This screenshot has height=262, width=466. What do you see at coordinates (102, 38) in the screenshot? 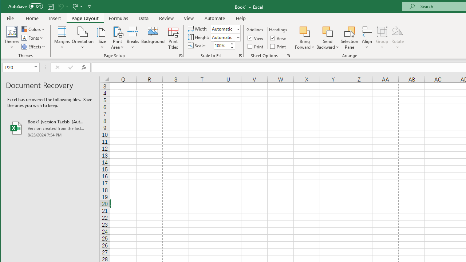
I see `'Size'` at bounding box center [102, 38].